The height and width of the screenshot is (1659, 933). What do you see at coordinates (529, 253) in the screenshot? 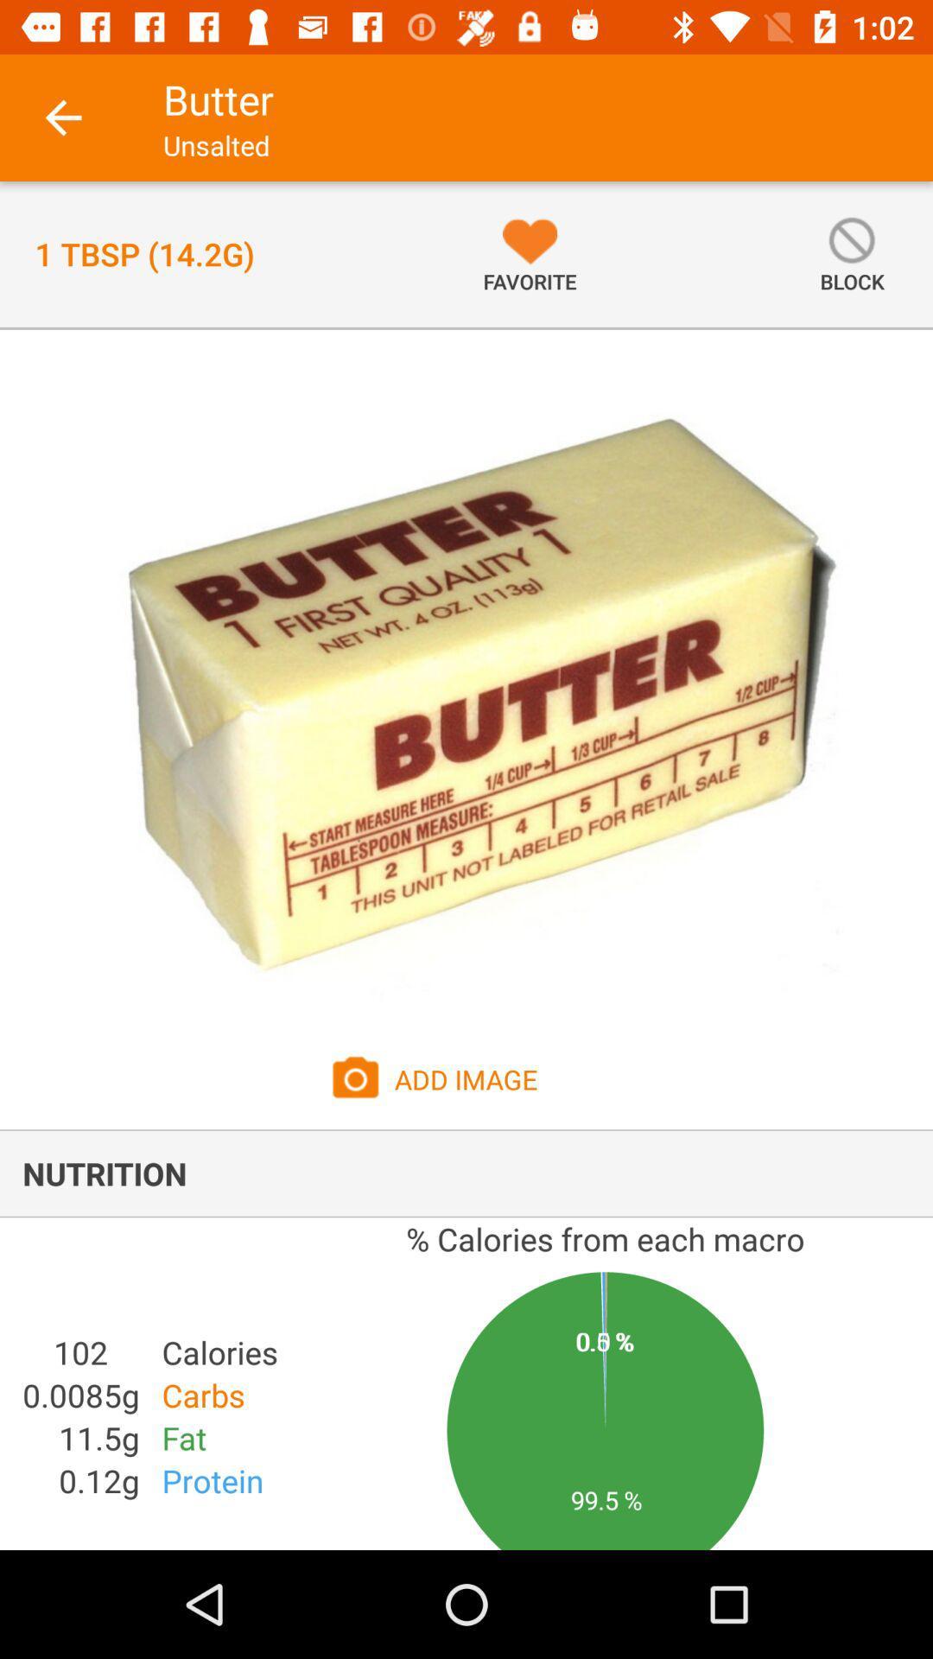
I see `item to the right of the 1 tbsp 14 item` at bounding box center [529, 253].